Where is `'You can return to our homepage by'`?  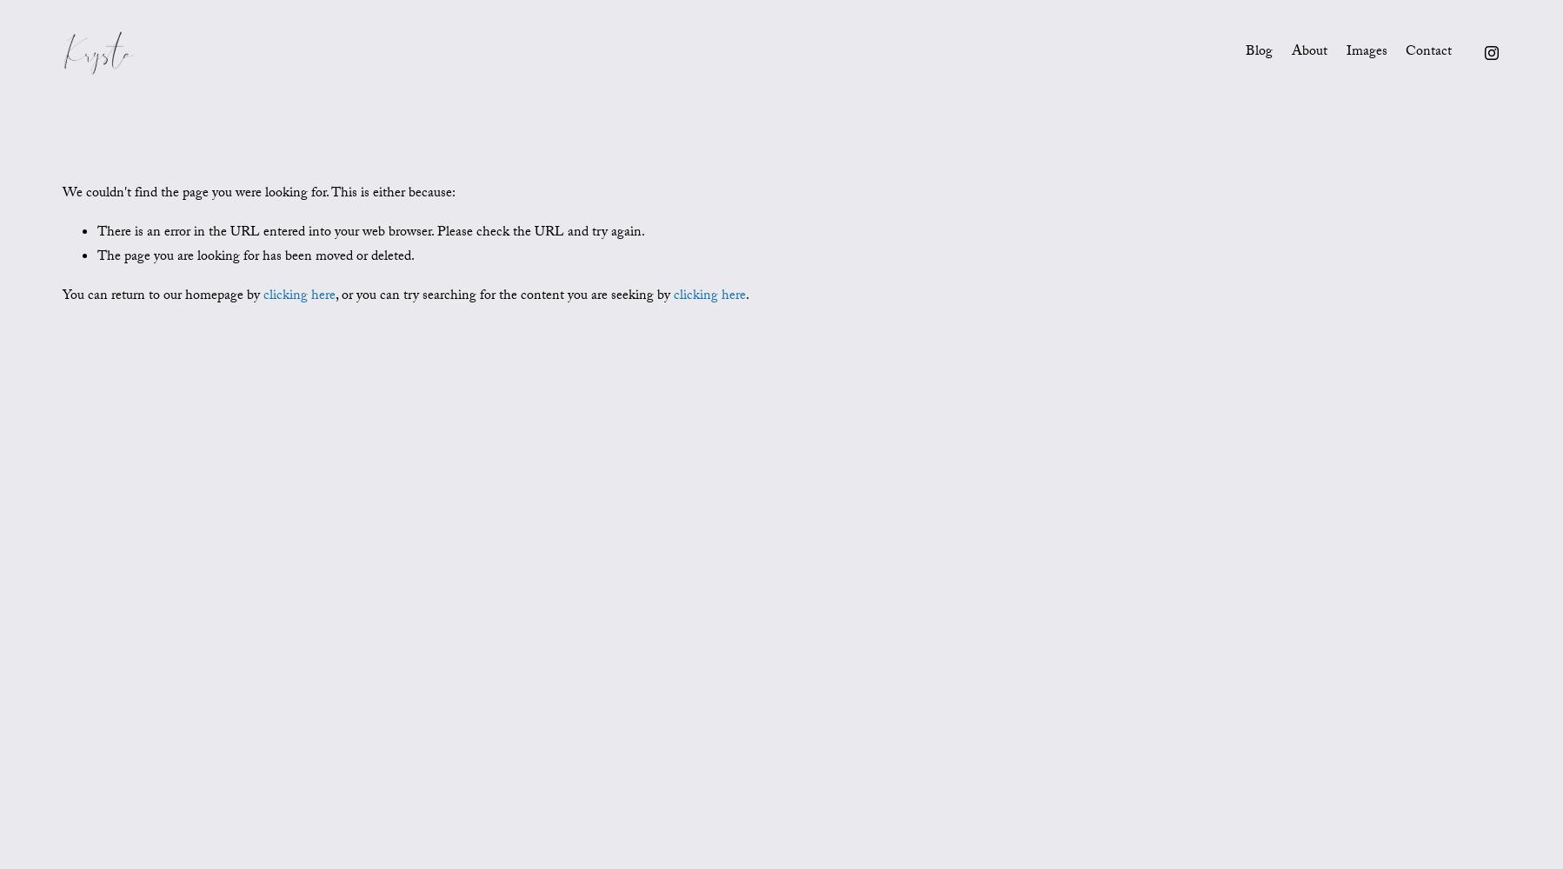
'You can return to our homepage by' is located at coordinates (162, 295).